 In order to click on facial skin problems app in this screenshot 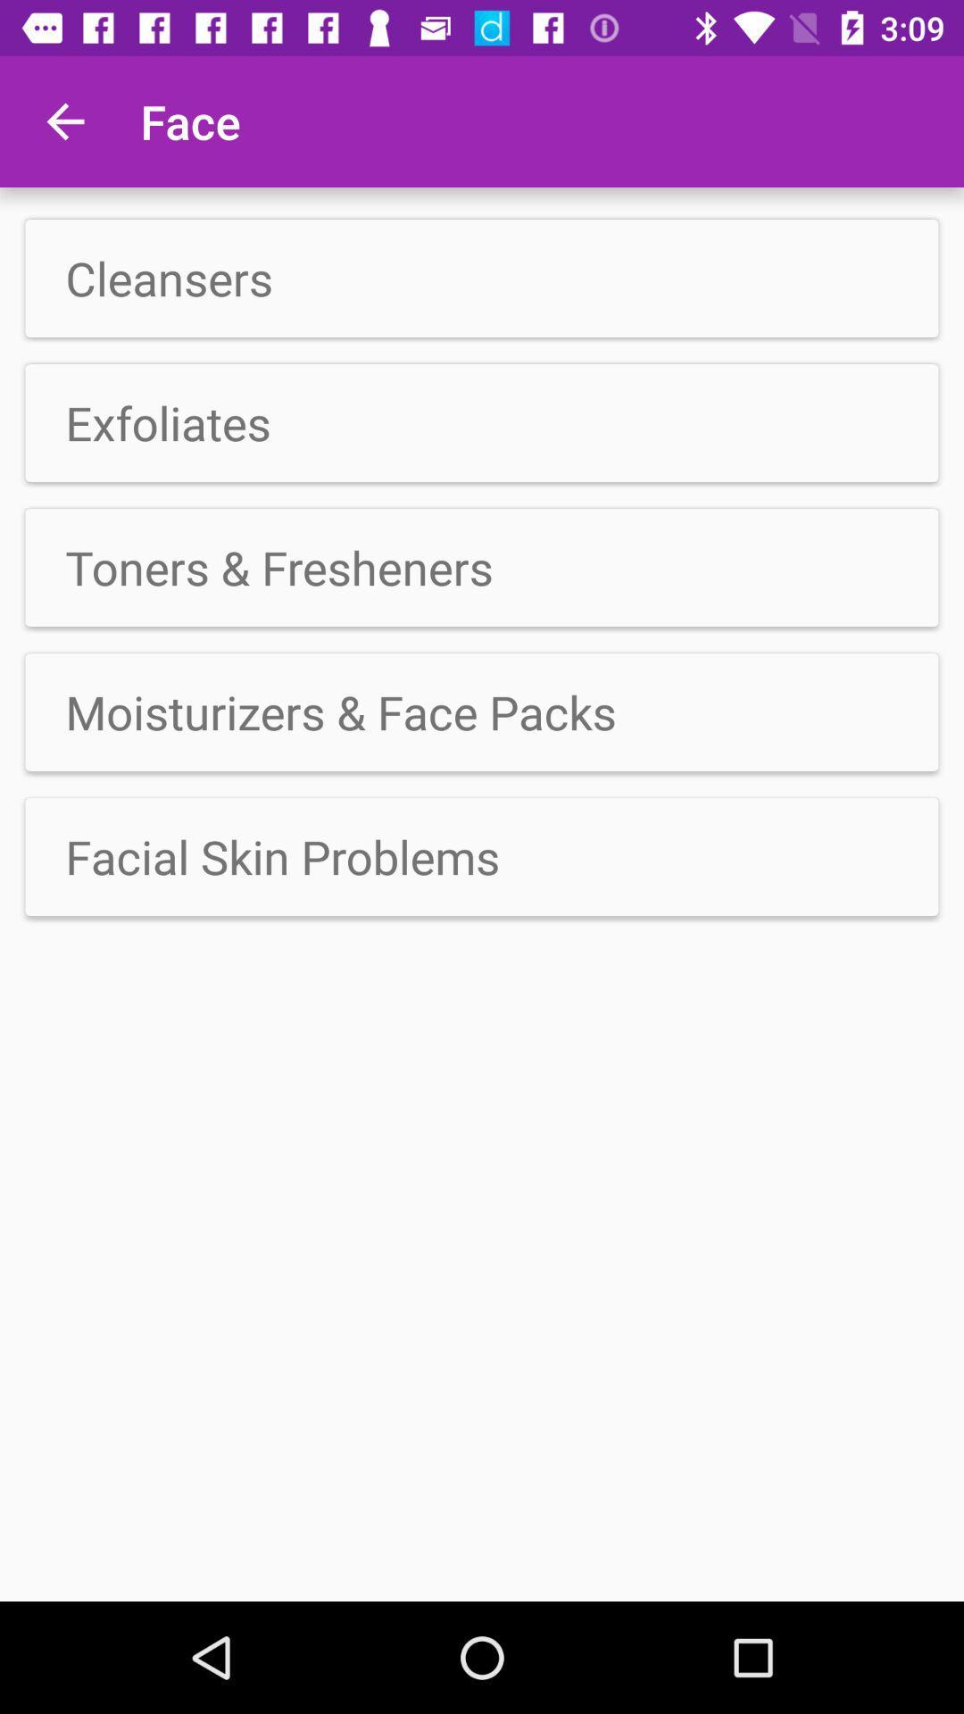, I will do `click(482, 857)`.